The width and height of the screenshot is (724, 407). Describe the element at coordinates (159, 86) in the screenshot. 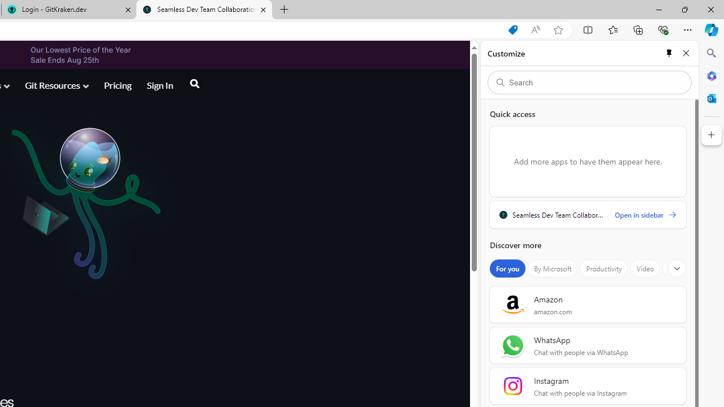

I see `'Sign In'` at that location.